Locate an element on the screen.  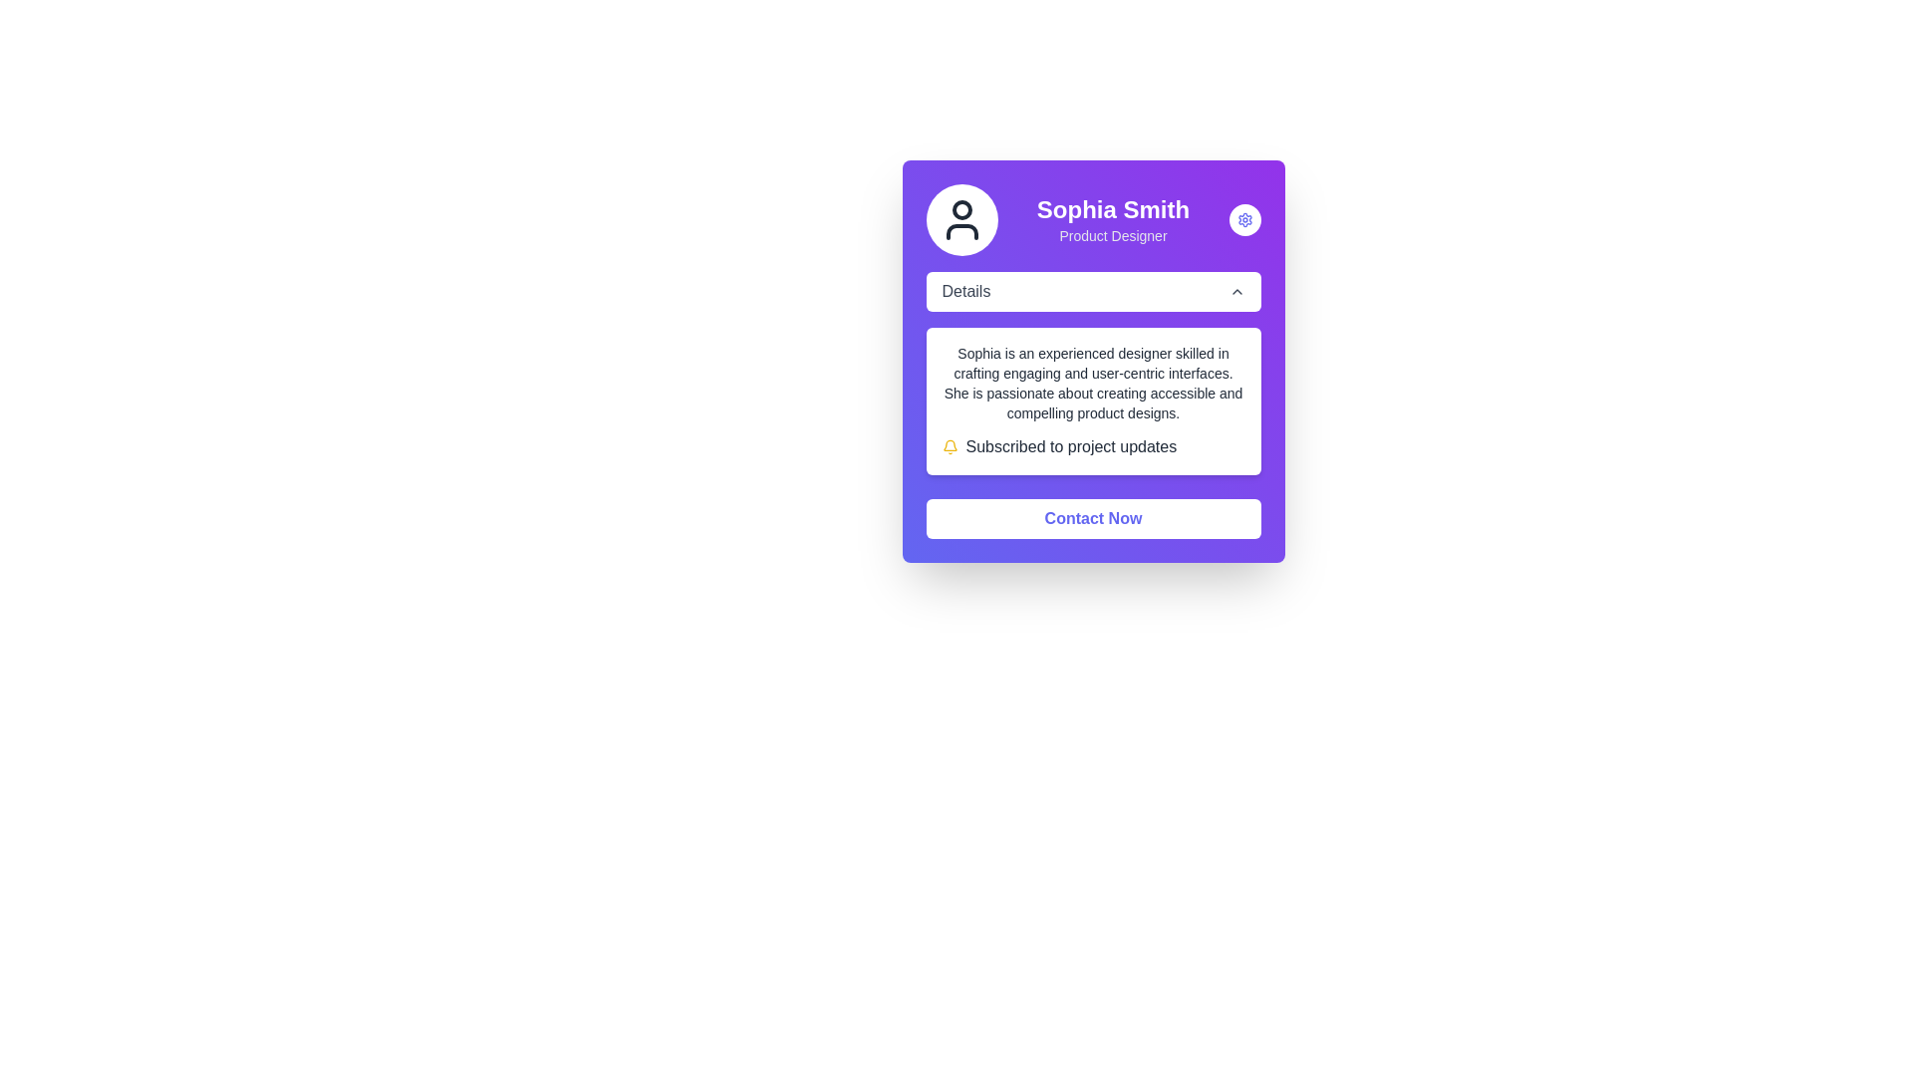
the 'Details' label text, which is displayed in dark-gray font on a white background within a purple card interface is located at coordinates (965, 292).